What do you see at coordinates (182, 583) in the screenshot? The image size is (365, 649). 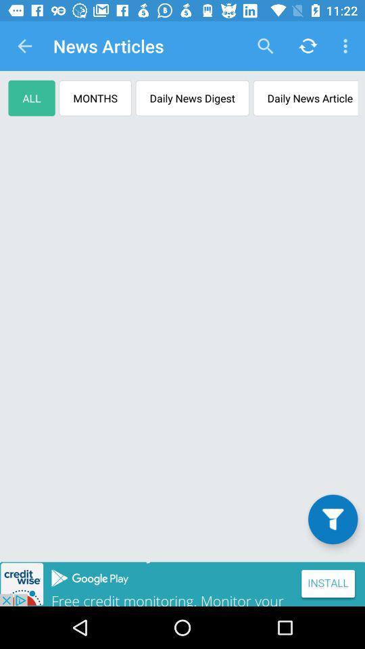 I see `advertisement` at bounding box center [182, 583].